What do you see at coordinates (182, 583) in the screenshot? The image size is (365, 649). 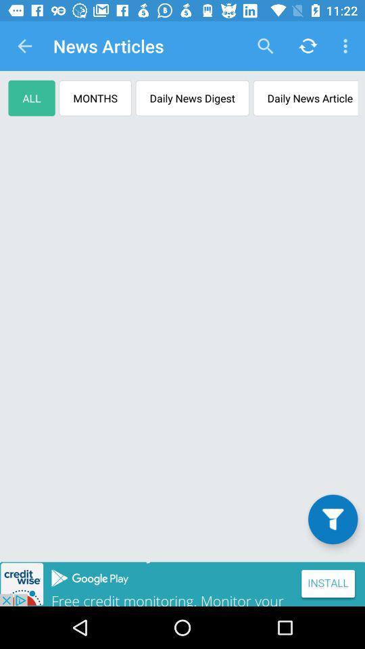 I see `advertisement` at bounding box center [182, 583].